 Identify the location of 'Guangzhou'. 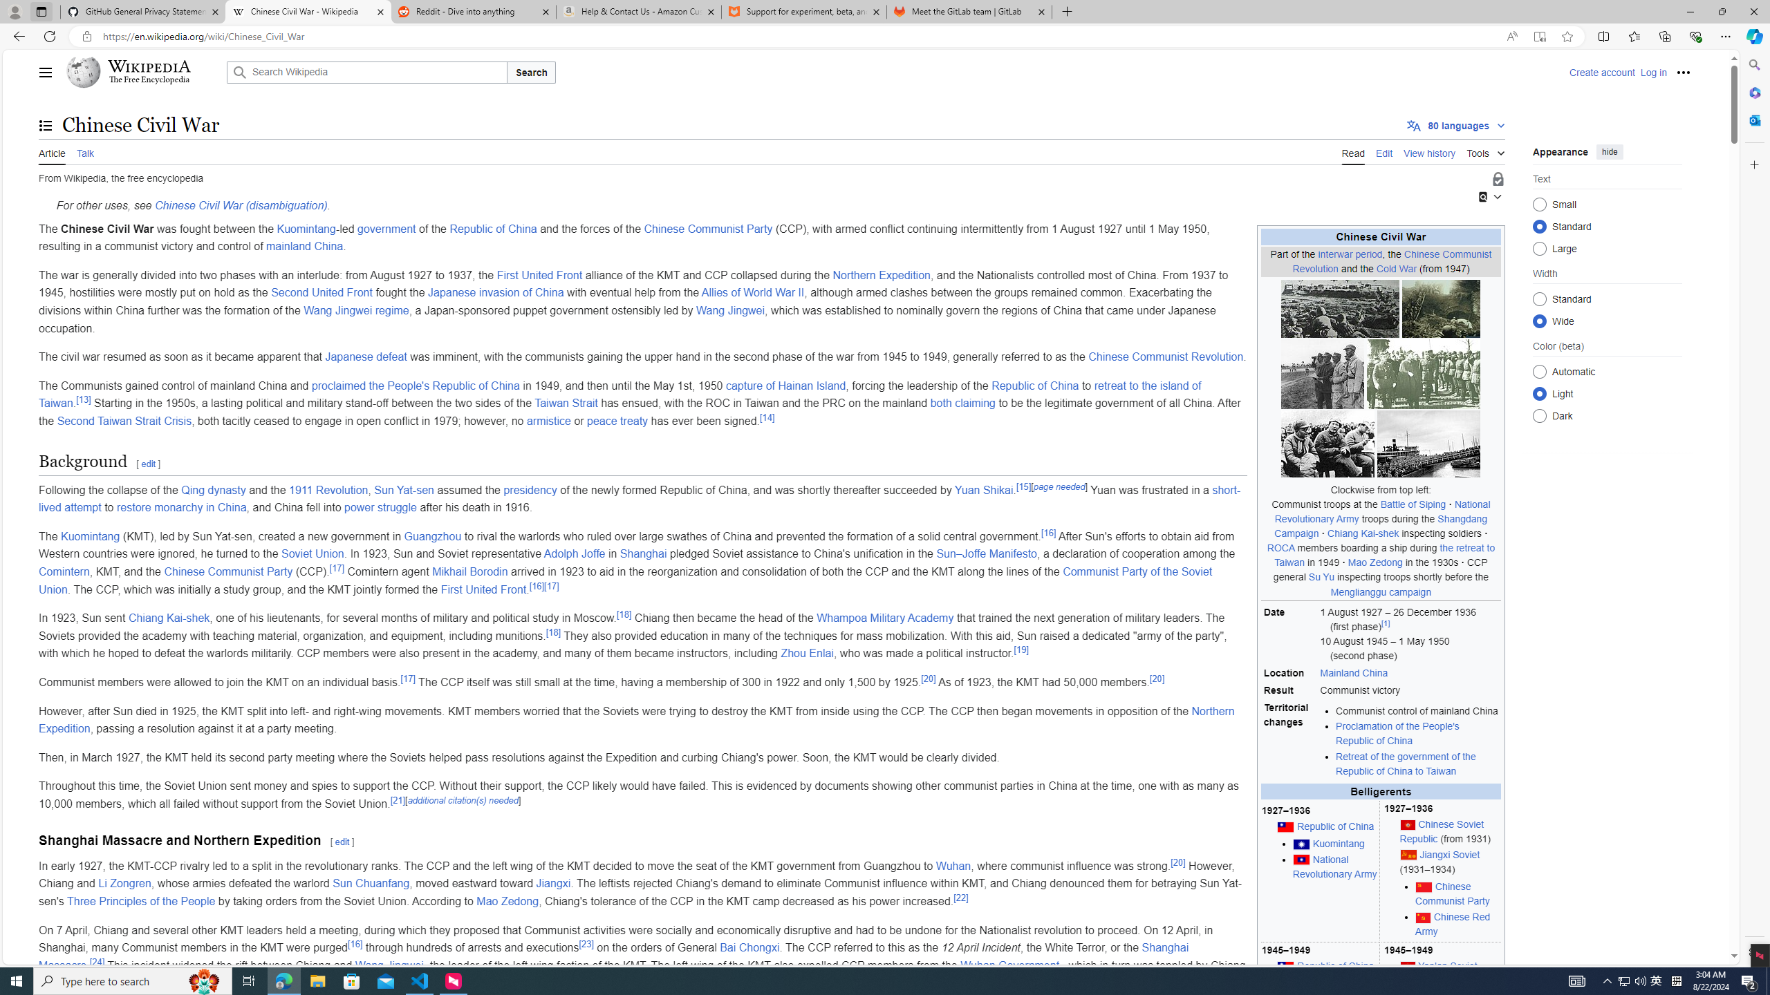
(431, 536).